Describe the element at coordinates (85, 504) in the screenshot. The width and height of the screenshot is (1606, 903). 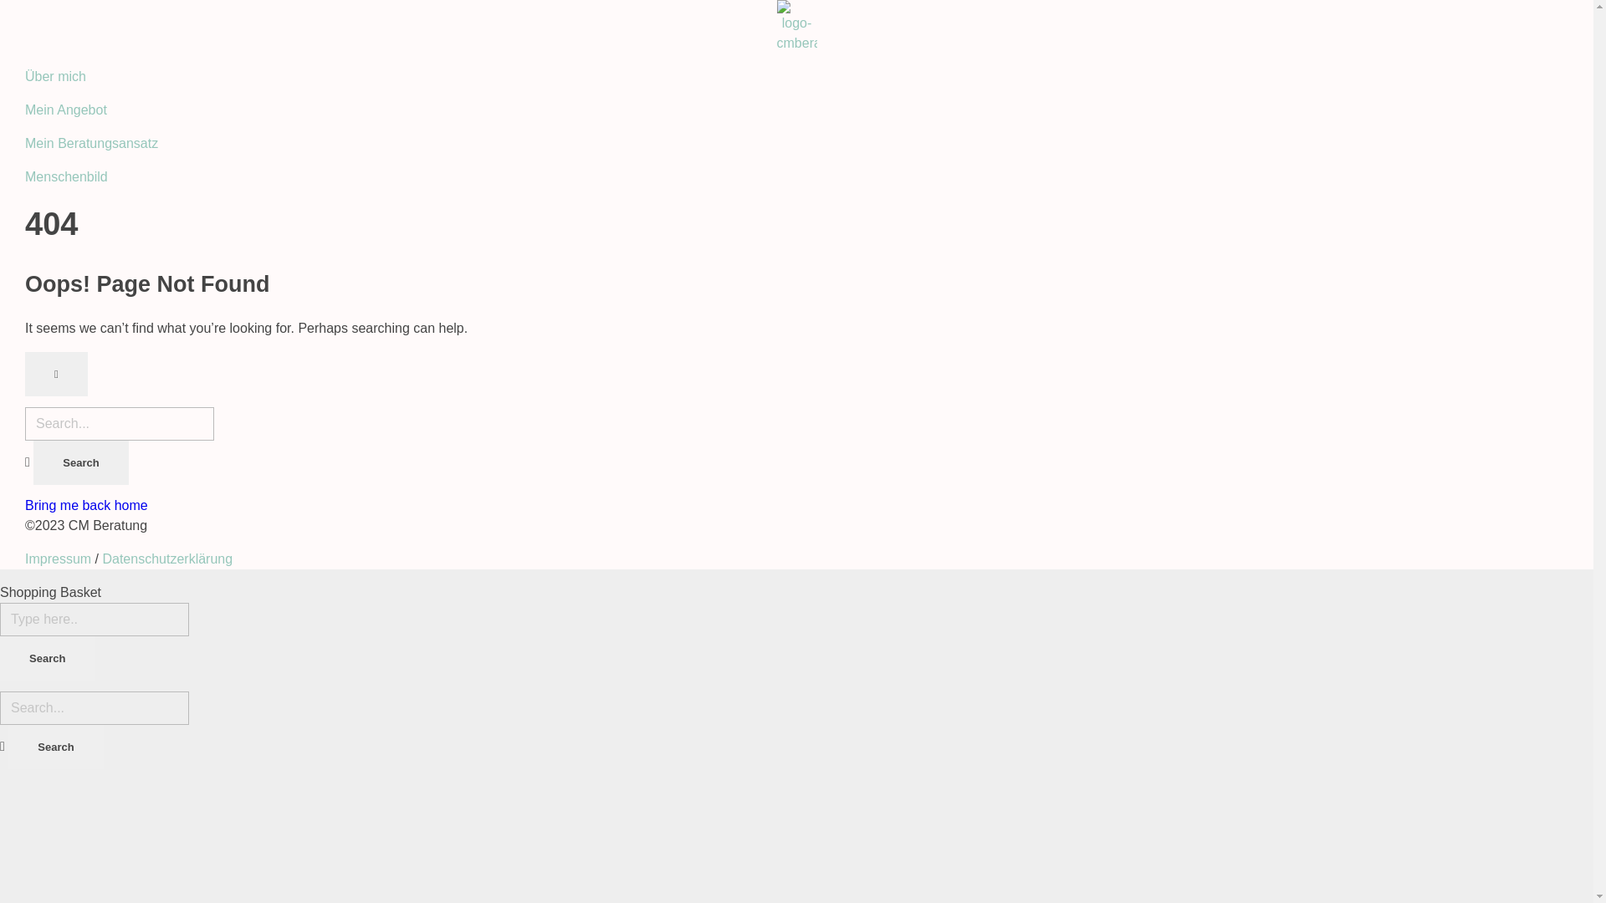
I see `'Bring me back home'` at that location.